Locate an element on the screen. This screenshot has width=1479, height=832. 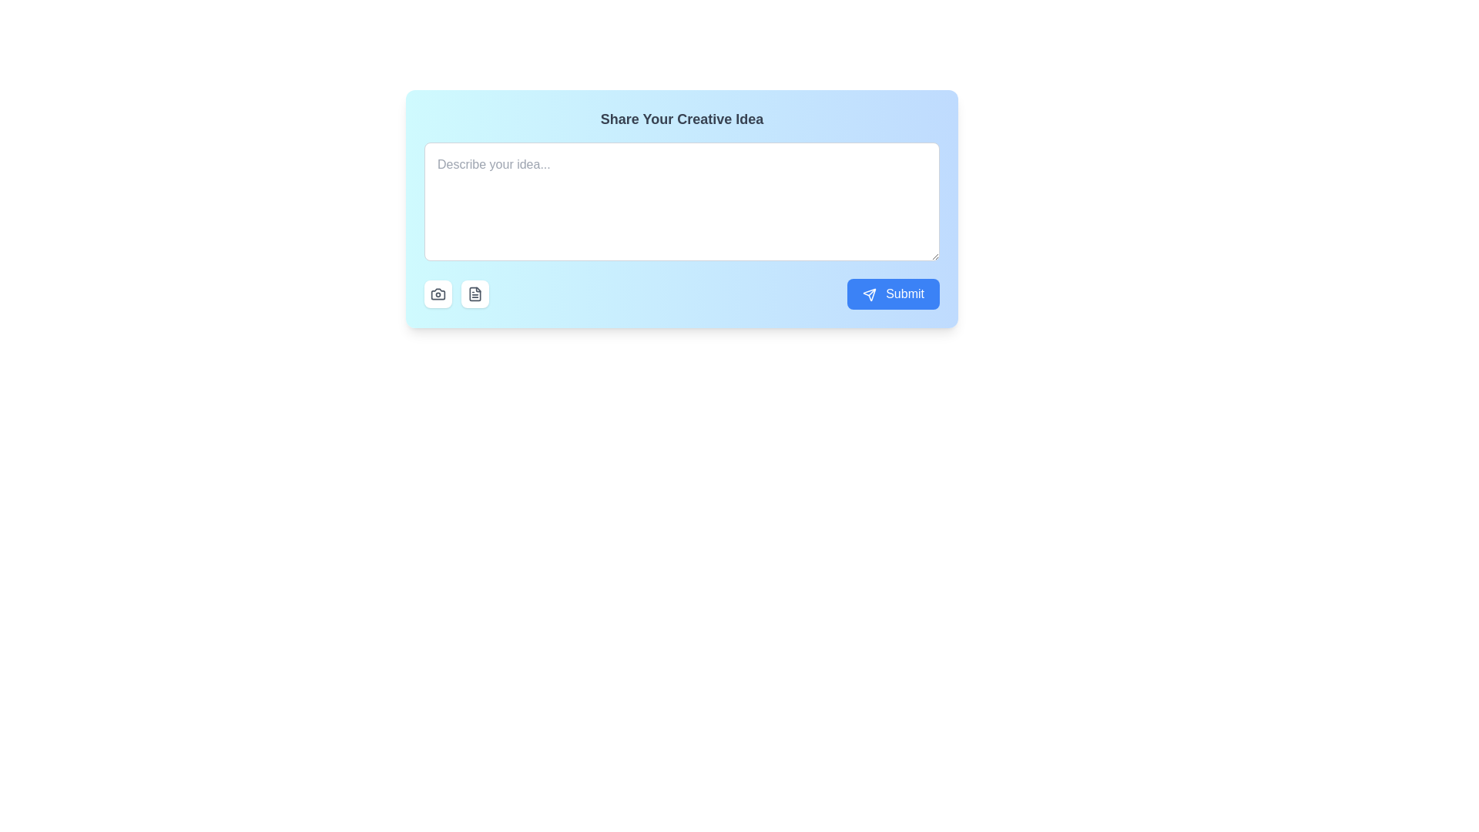
the first button in the horizontal grouping located at the bottom-left corner of a light blue panel to initiate the action related to capturing or uploading an image is located at coordinates (438, 294).